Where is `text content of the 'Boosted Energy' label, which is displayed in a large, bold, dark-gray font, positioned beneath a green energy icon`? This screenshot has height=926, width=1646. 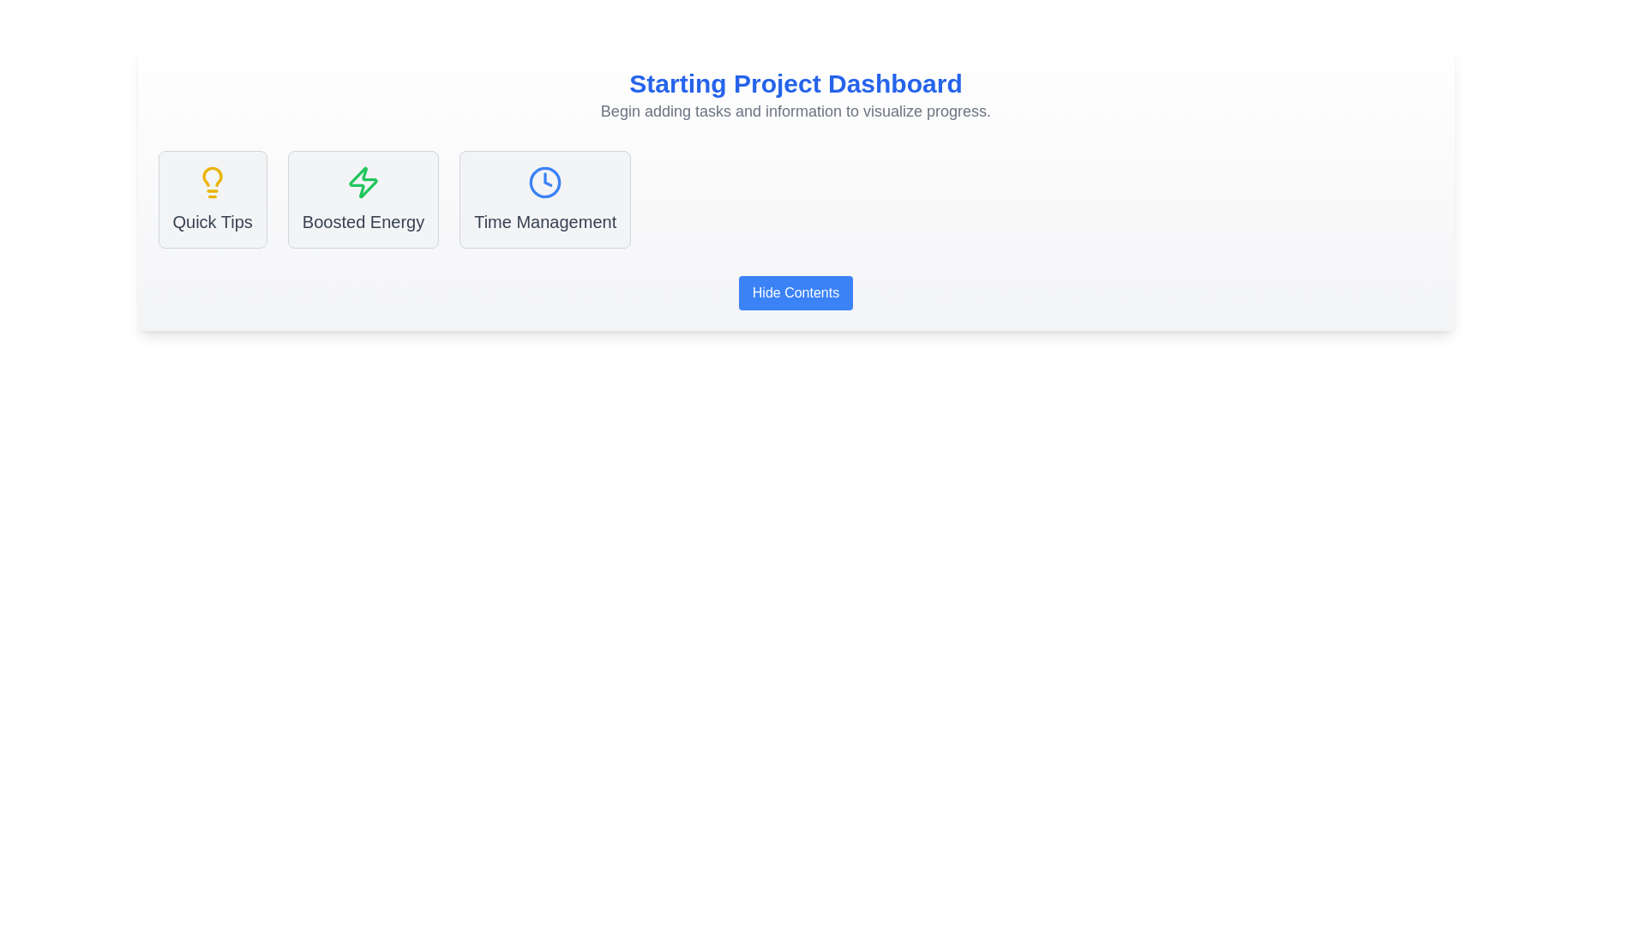
text content of the 'Boosted Energy' label, which is displayed in a large, bold, dark-gray font, positioned beneath a green energy icon is located at coordinates (362, 220).